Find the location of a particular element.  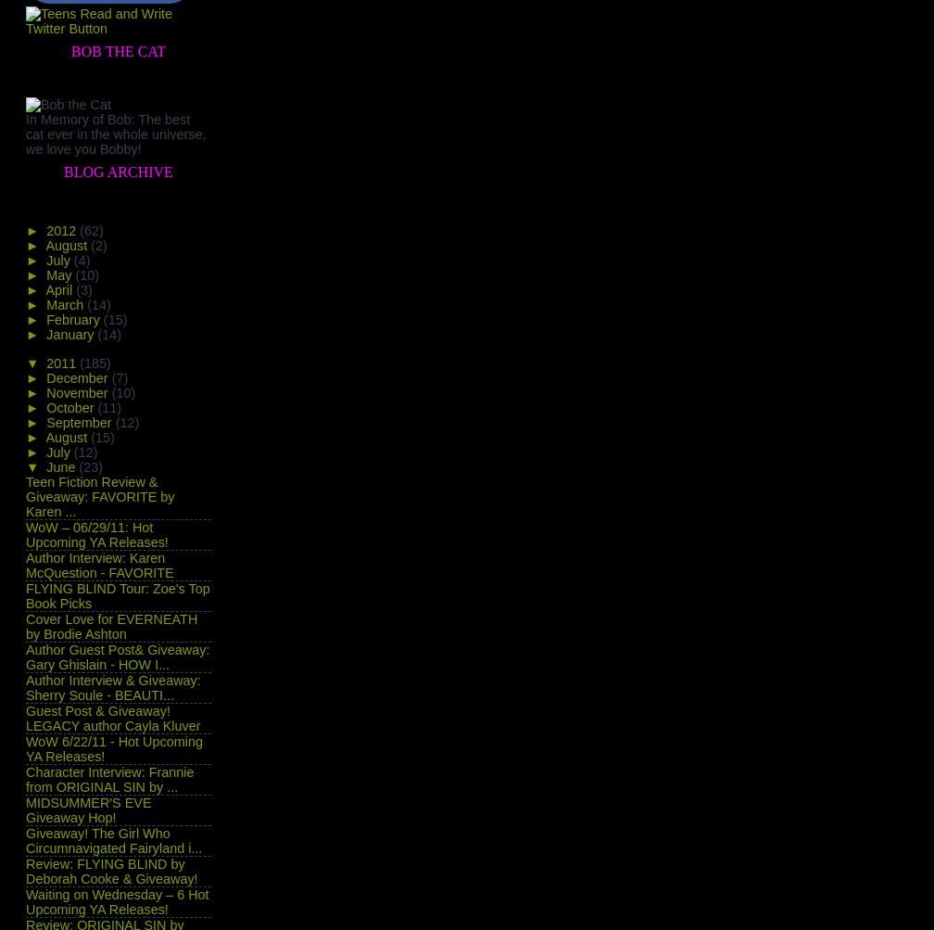

'In Memory of Bob: The best cat ever in the whole universe, we love you Bobby!' is located at coordinates (115, 133).